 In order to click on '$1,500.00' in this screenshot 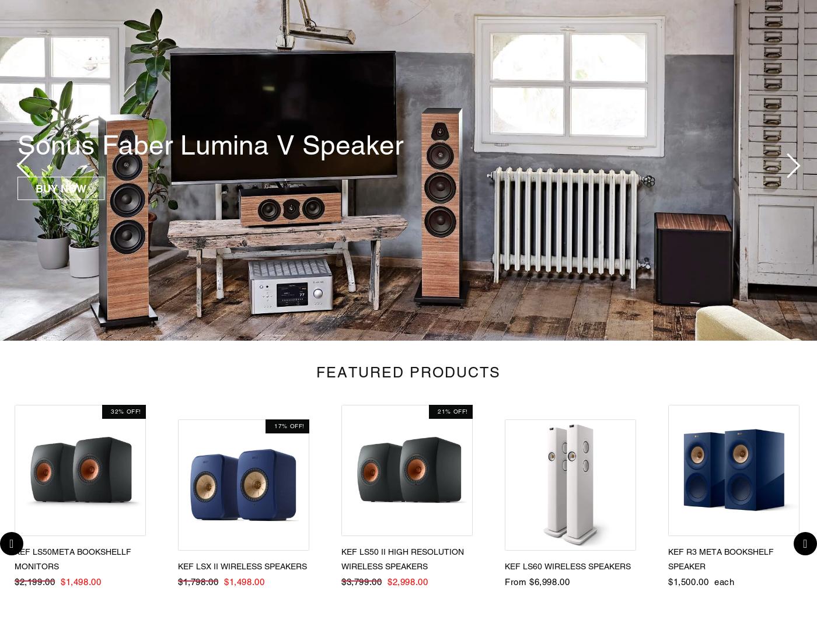, I will do `click(688, 582)`.